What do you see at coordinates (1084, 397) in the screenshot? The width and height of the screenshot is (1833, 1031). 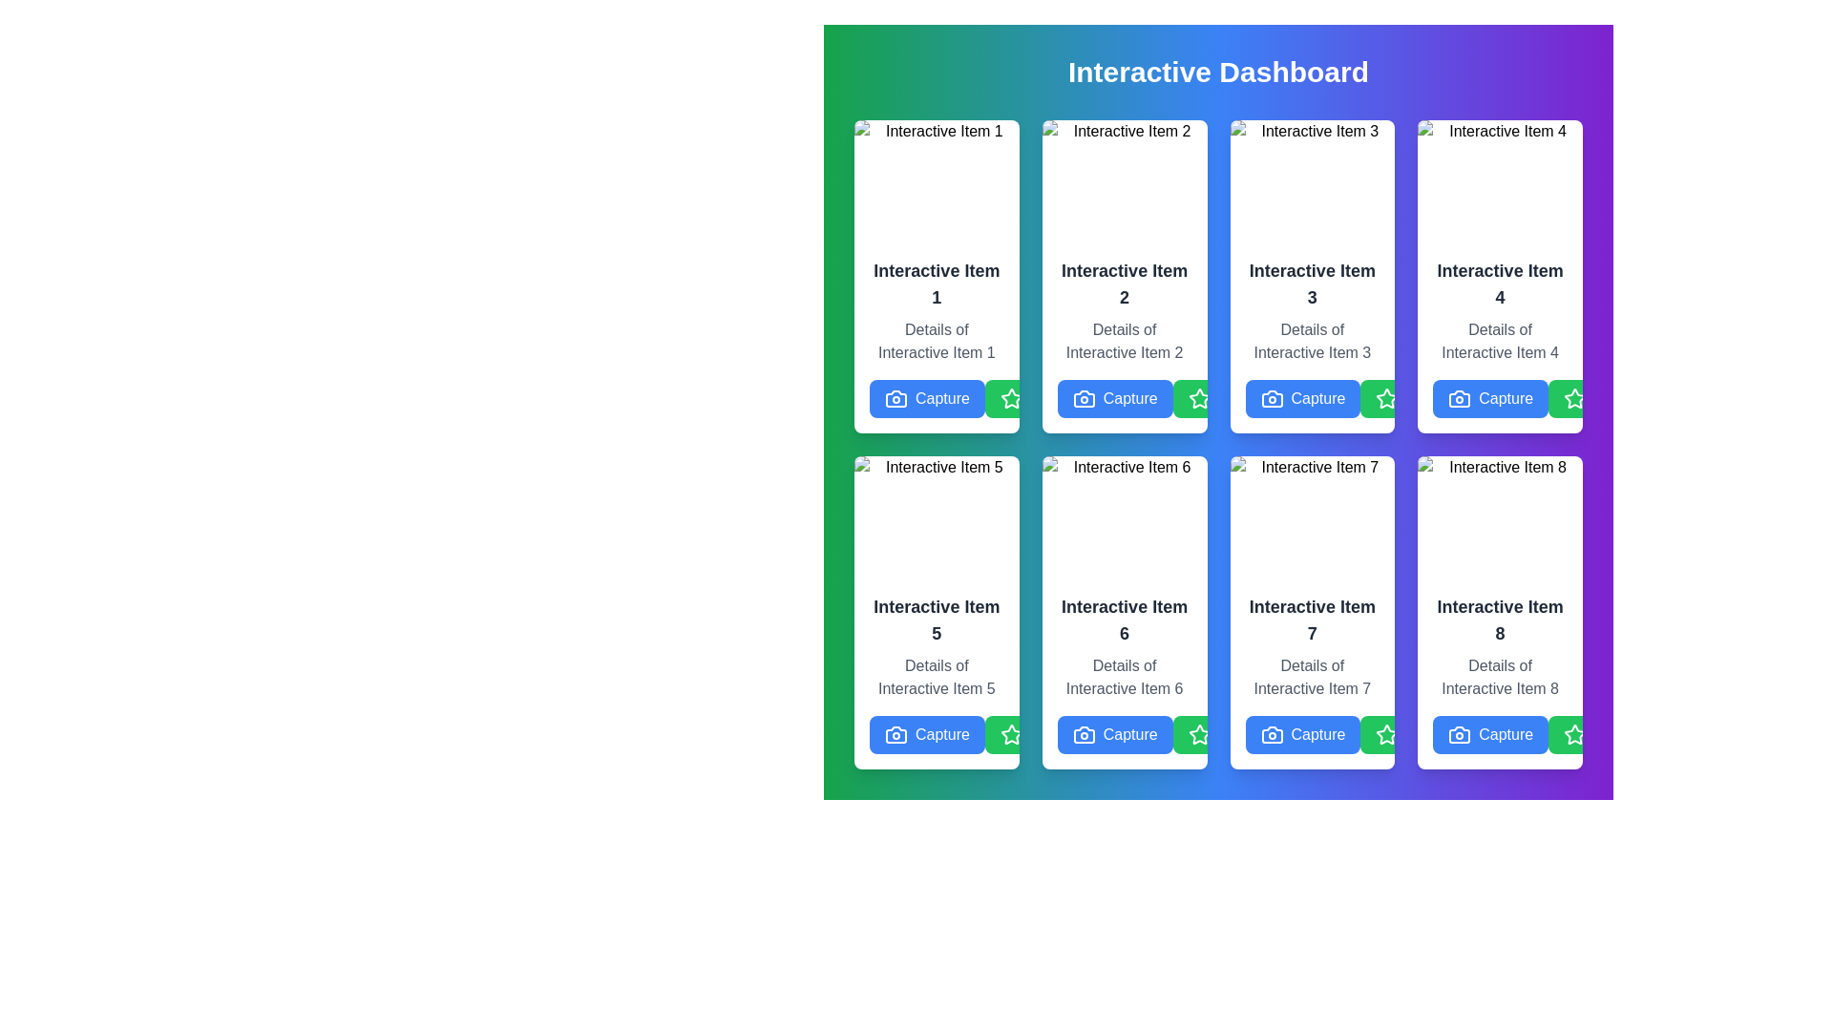 I see `the 'Capture' button located at the bottom of 'Interactive Item 2' card, which contains the camera icon for image capture functionality` at bounding box center [1084, 397].